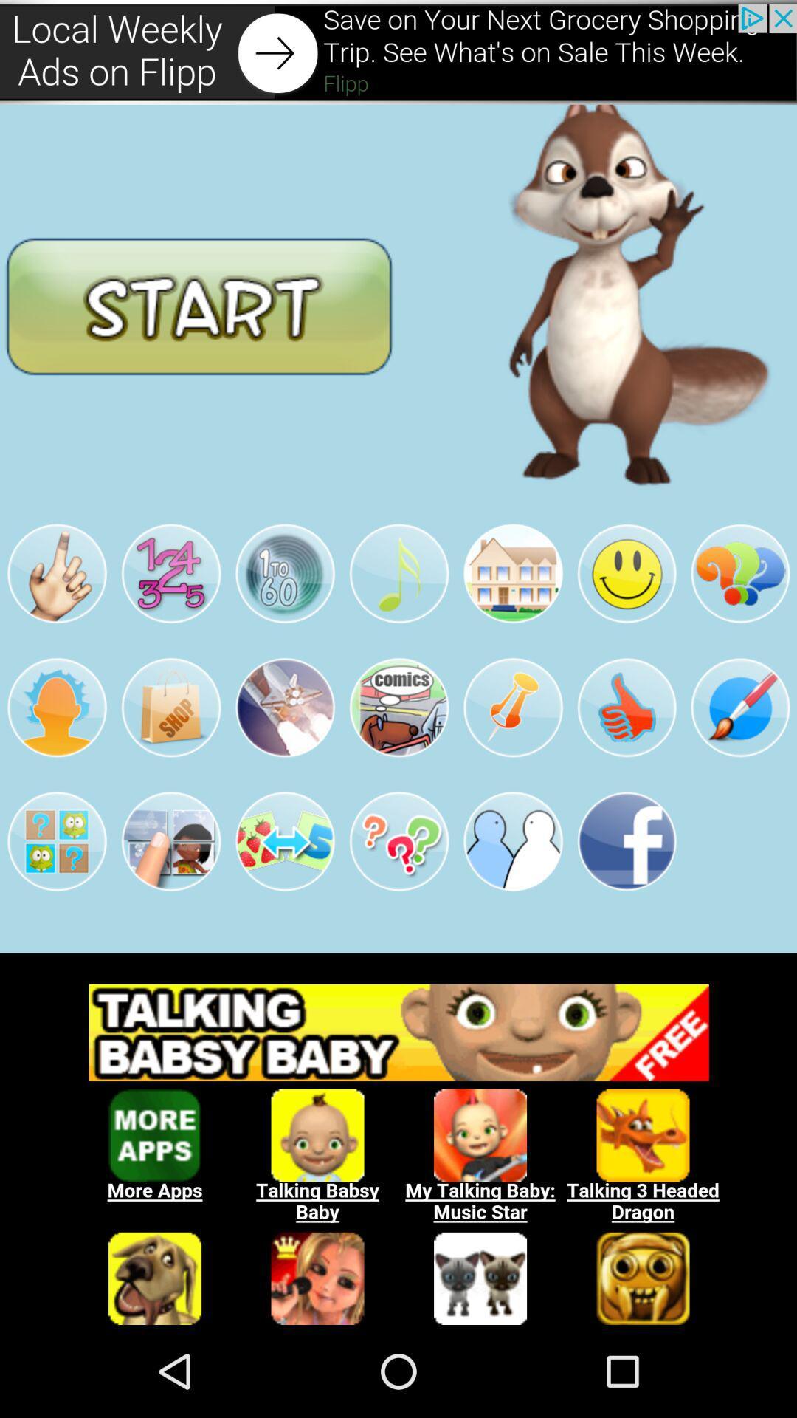 The height and width of the screenshot is (1418, 797). I want to click on second icon below the start button, so click(170, 573).